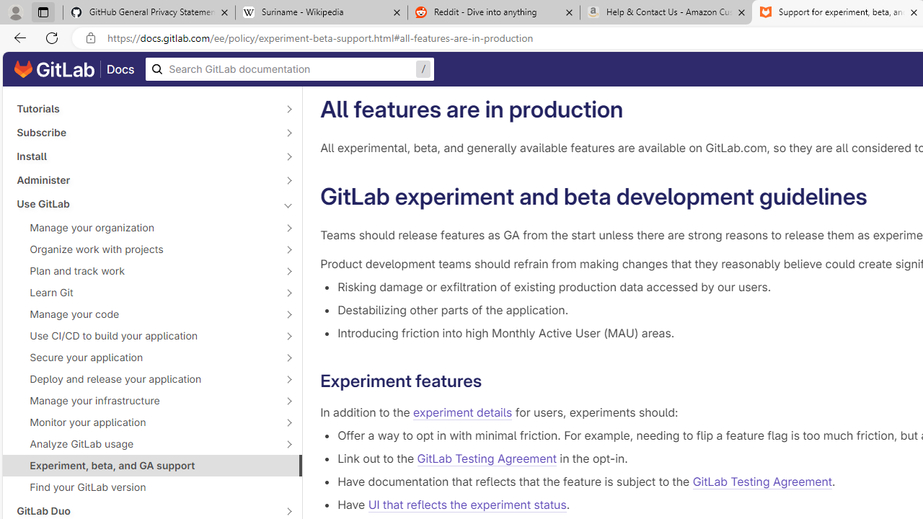 This screenshot has height=519, width=923. What do you see at coordinates (144, 378) in the screenshot?
I see `'Deploy and release your application'` at bounding box center [144, 378].